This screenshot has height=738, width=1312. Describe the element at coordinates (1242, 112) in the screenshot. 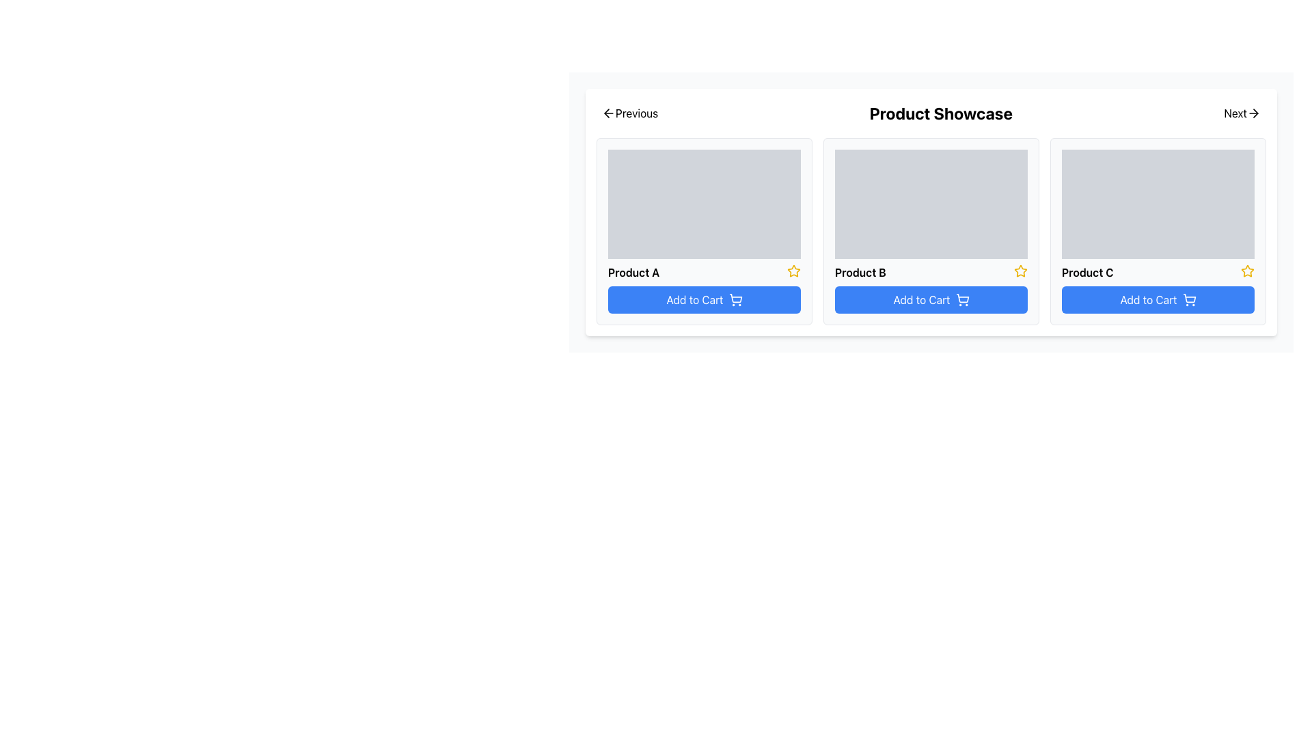

I see `the navigational button located at the right end of the navigation control bar` at that location.